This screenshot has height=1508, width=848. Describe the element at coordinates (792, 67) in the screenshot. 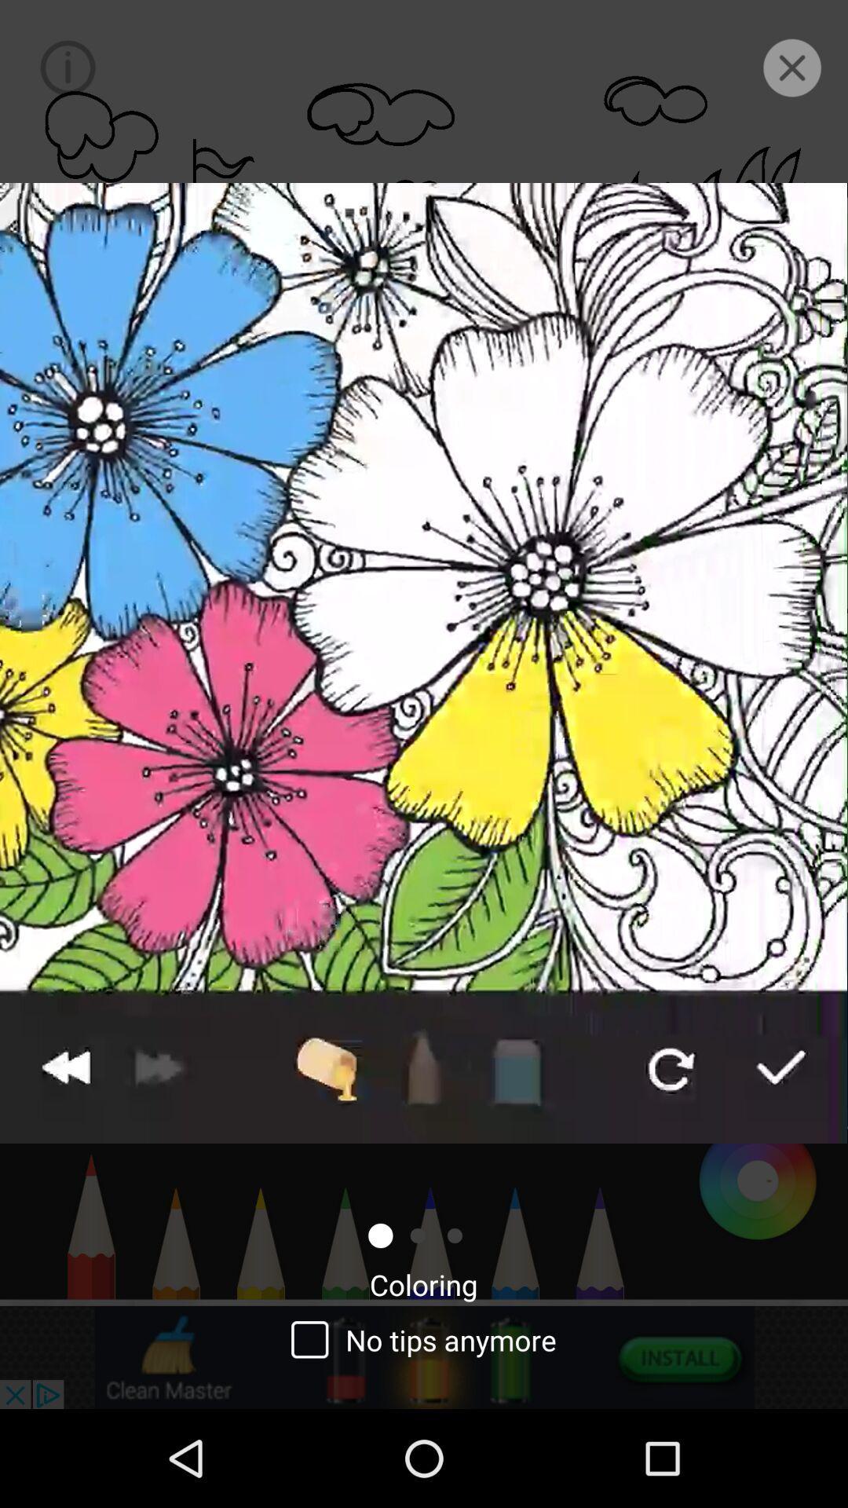

I see `the close icon` at that location.